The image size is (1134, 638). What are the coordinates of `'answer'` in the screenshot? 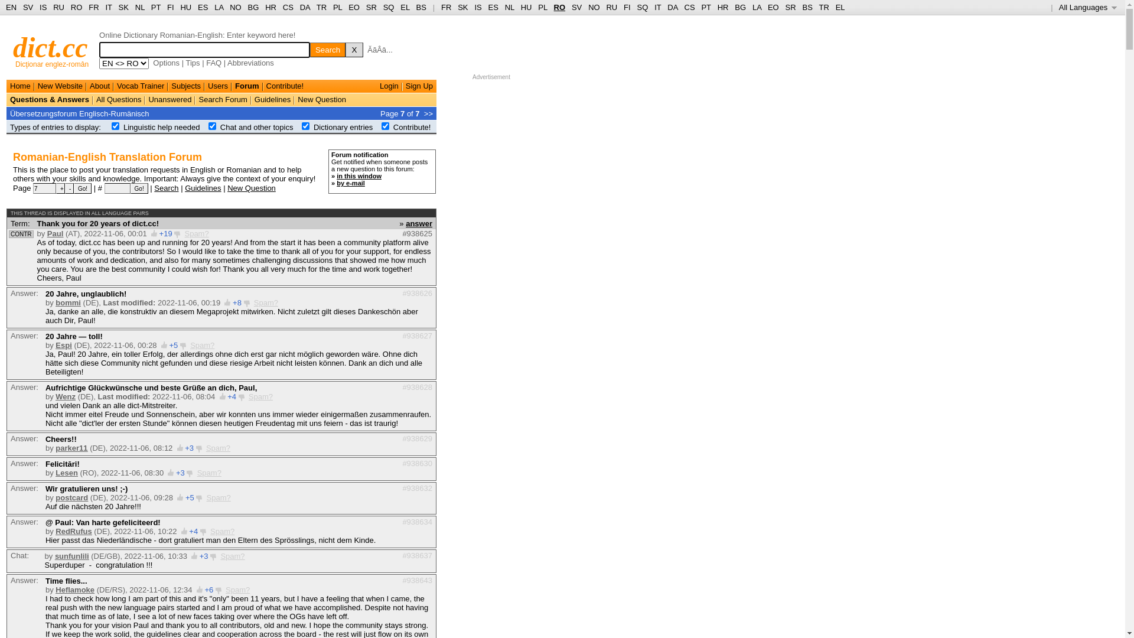 It's located at (419, 223).